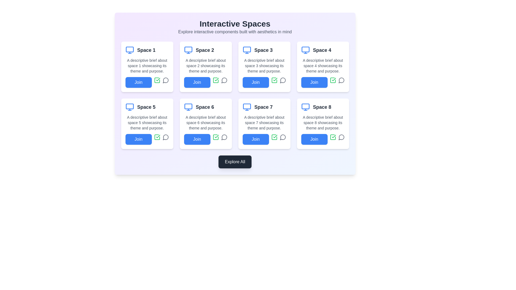 This screenshot has height=290, width=516. What do you see at coordinates (322, 67) in the screenshot?
I see `the green check mark icon located on the Card Component titled 'Space 4' in the top-right corner of the grid` at bounding box center [322, 67].